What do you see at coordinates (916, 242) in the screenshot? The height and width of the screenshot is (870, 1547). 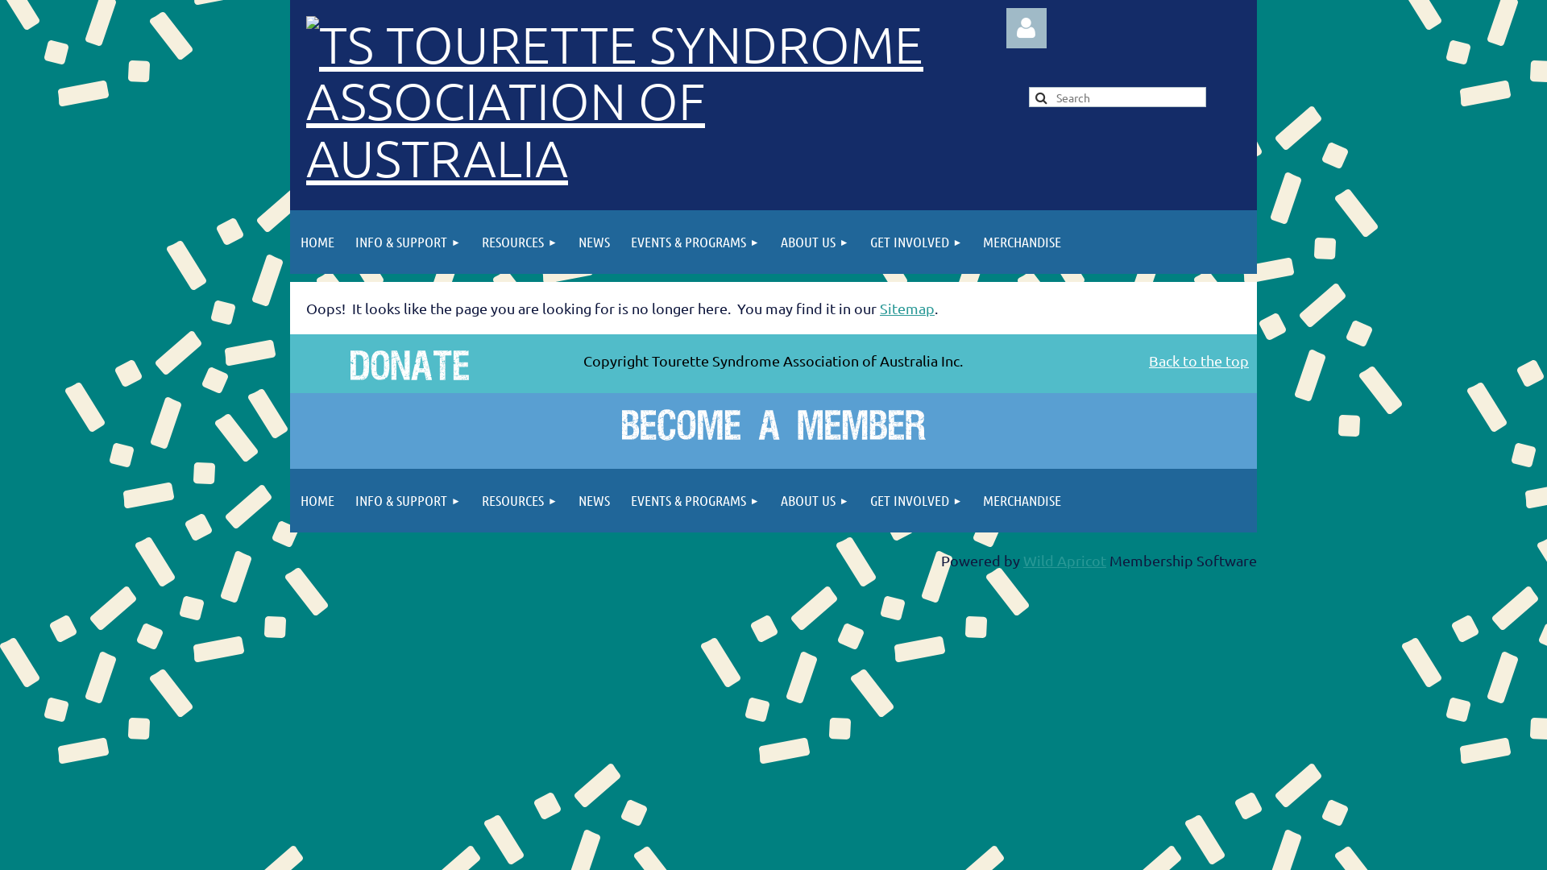 I see `'GET INVOLVED'` at bounding box center [916, 242].